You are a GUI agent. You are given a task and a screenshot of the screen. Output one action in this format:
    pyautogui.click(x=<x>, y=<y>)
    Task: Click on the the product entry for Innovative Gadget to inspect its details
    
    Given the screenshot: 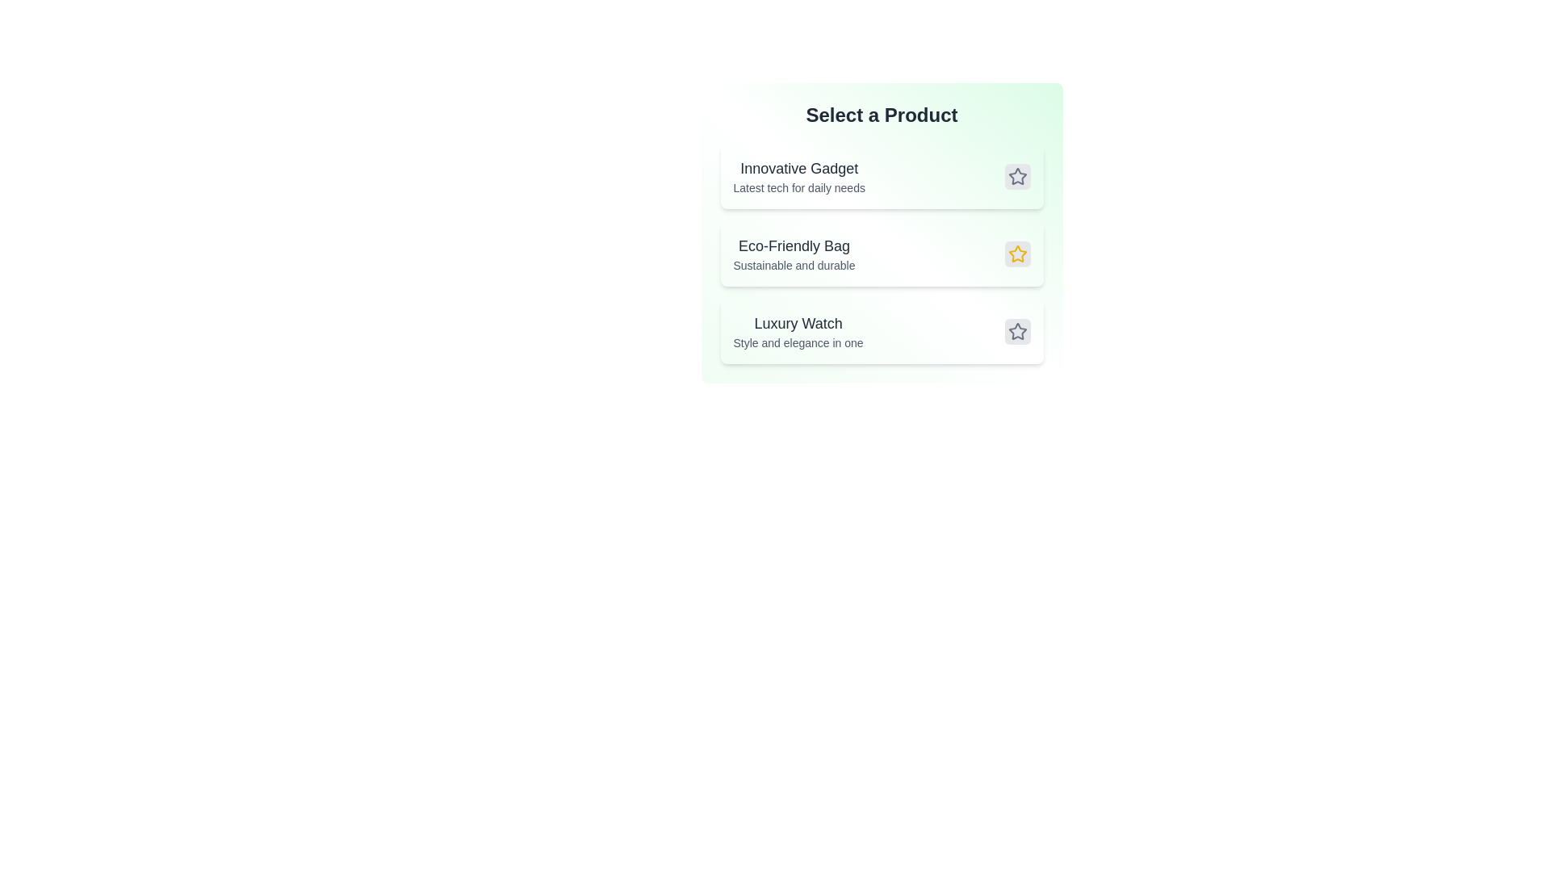 What is the action you would take?
    pyautogui.click(x=798, y=177)
    